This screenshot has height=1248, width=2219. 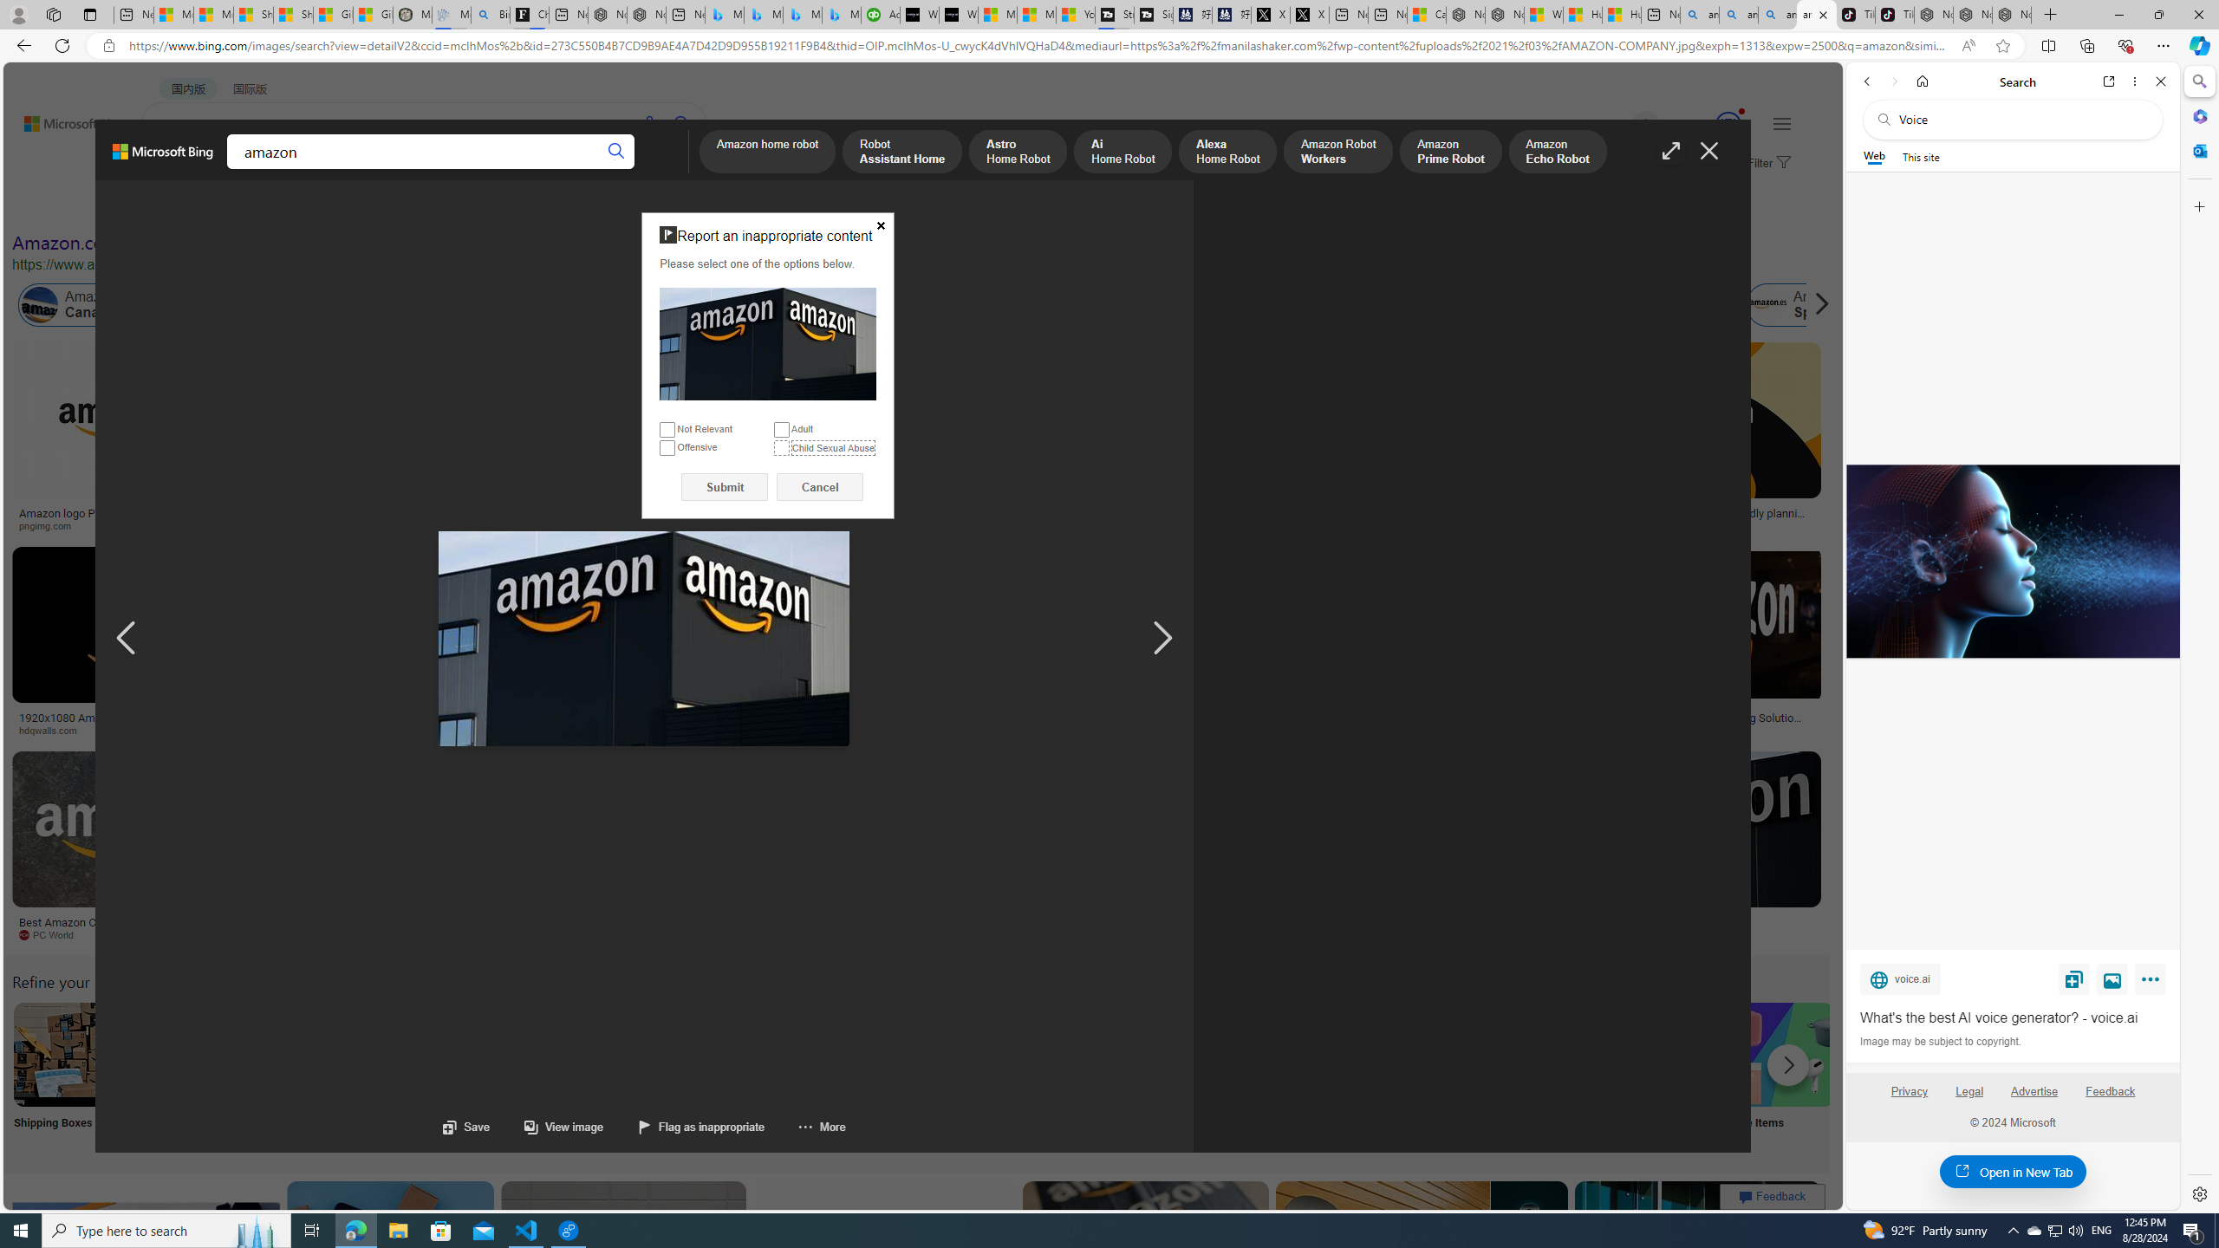 I want to click on 'Web scope', so click(x=1874, y=156).